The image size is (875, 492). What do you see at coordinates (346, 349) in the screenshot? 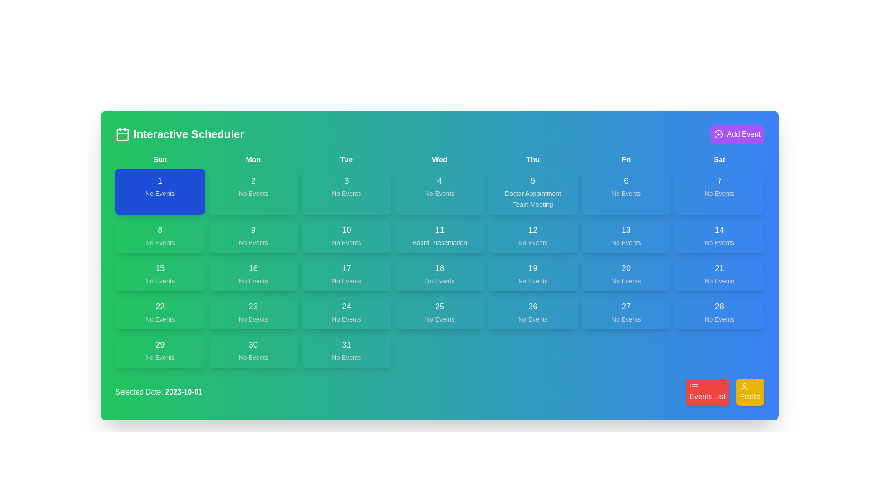
I see `the calendar cell representing the 31st day, located in the bottom-right corner of the calendar grid` at bounding box center [346, 349].